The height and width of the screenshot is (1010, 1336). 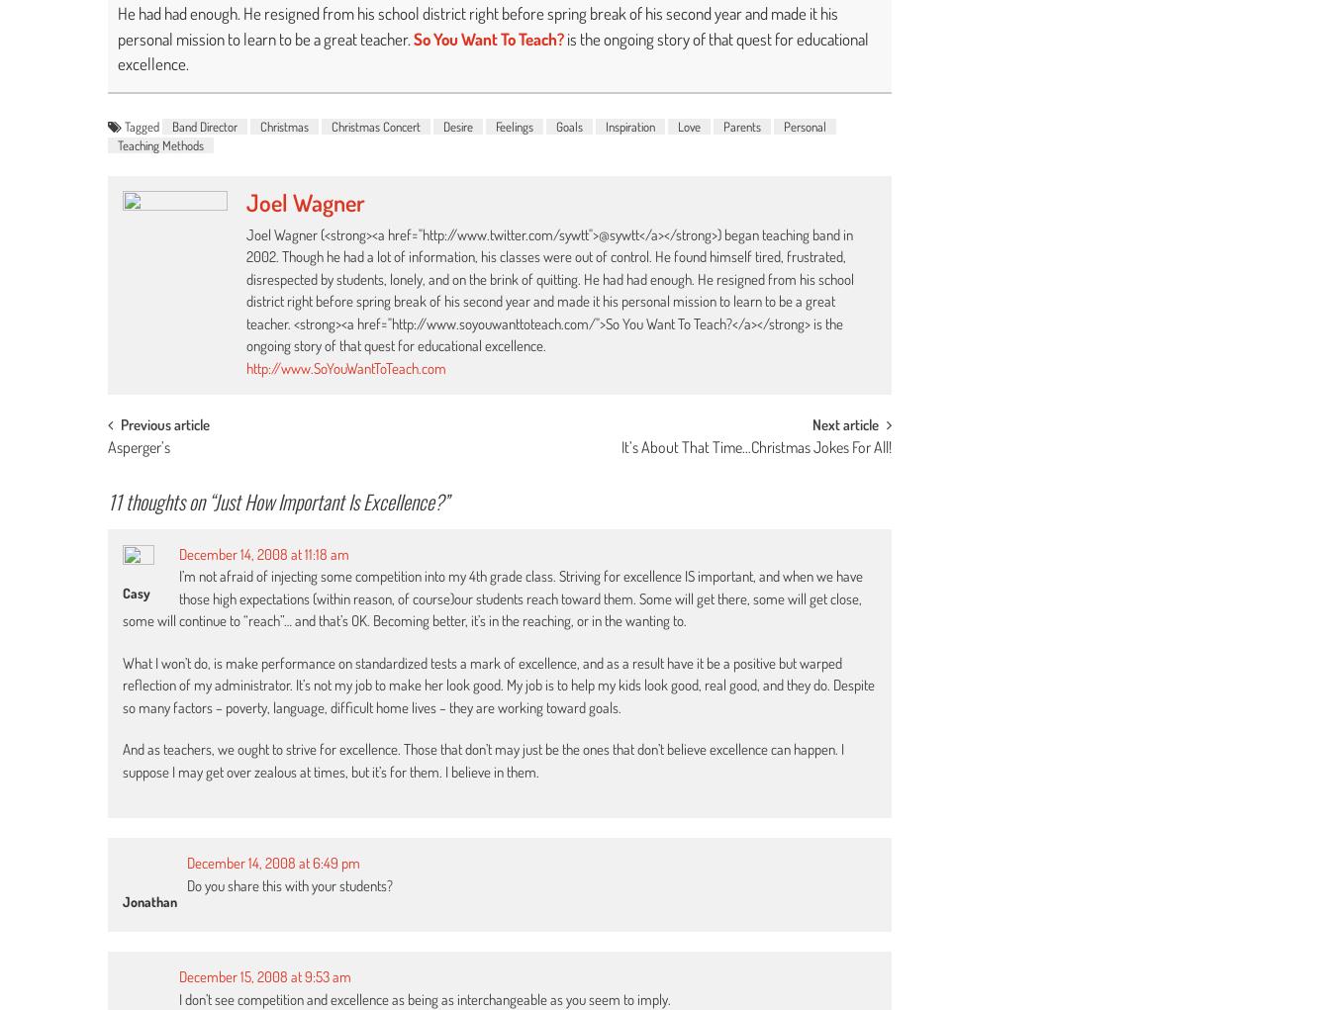 What do you see at coordinates (263, 552) in the screenshot?
I see `'December 14, 2008 at 11:18 am'` at bounding box center [263, 552].